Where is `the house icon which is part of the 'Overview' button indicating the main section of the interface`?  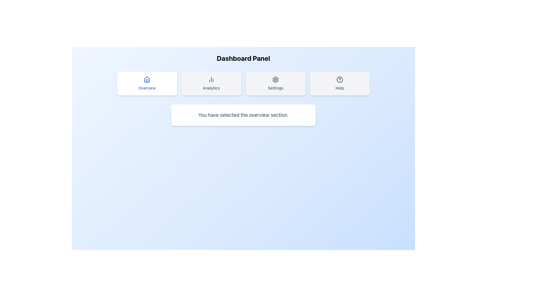
the house icon which is part of the 'Overview' button indicating the main section of the interface is located at coordinates (147, 79).